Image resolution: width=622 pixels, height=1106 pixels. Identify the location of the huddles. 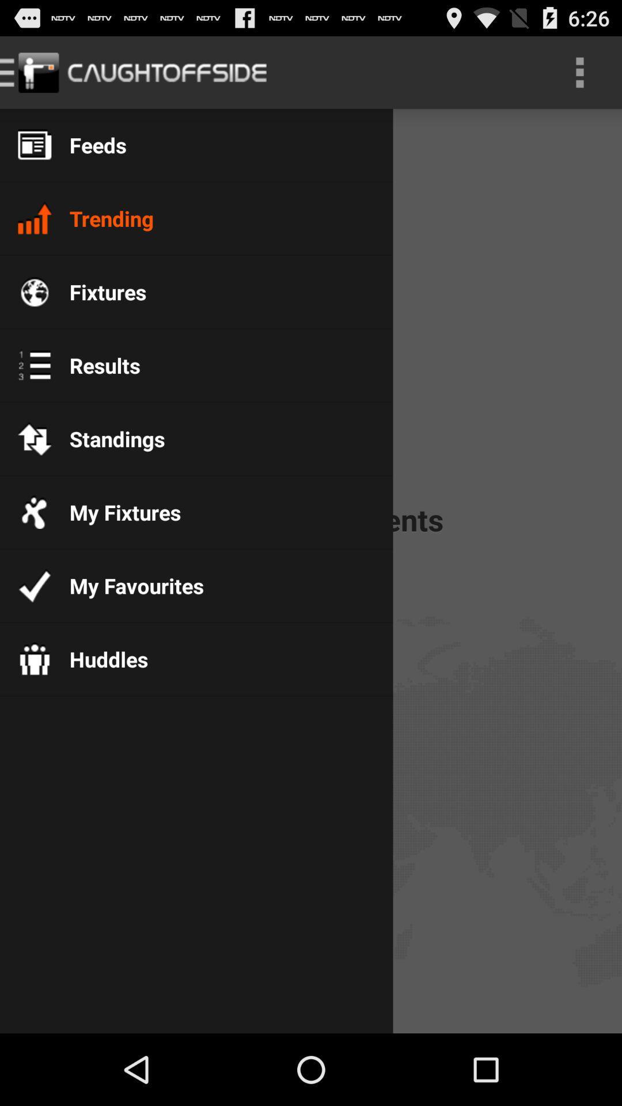
(99, 659).